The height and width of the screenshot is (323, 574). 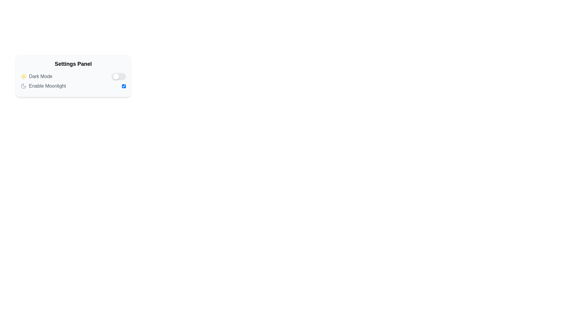 What do you see at coordinates (23, 76) in the screenshot?
I see `the brightly colored sun icon with a circular center and rays, located to the immediate left of the 'Dark Mode' text in the settings panel` at bounding box center [23, 76].